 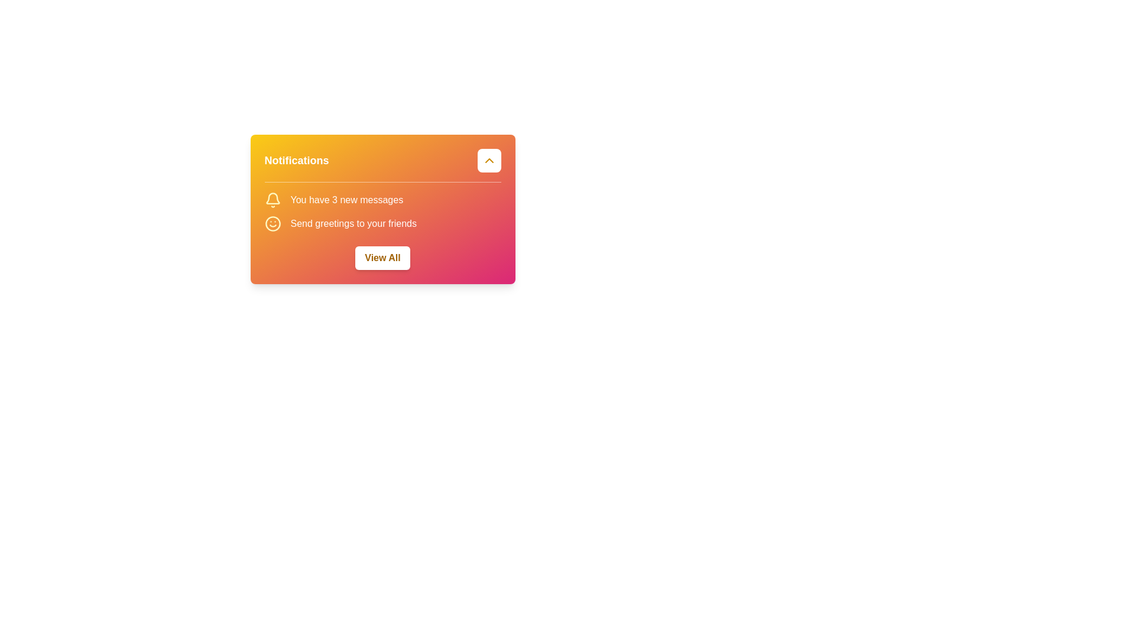 I want to click on text 'Send greetings to your friends' which is the second notification message below 'You have 3 new messages', identified by the accompanying smiley face icon, so click(x=382, y=223).